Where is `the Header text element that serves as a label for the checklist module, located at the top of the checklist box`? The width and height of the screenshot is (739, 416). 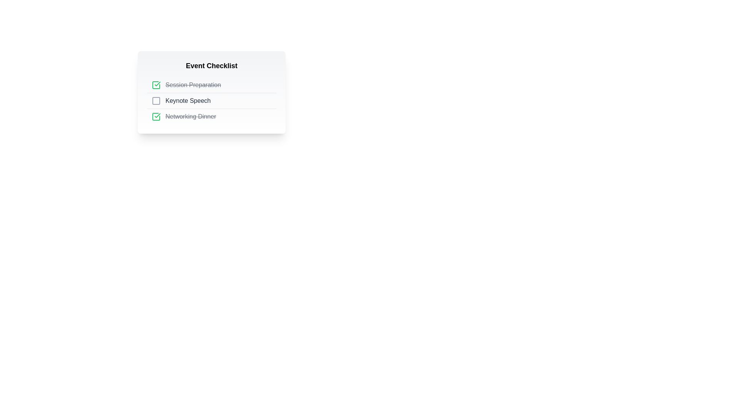
the Header text element that serves as a label for the checklist module, located at the top of the checklist box is located at coordinates (212, 65).